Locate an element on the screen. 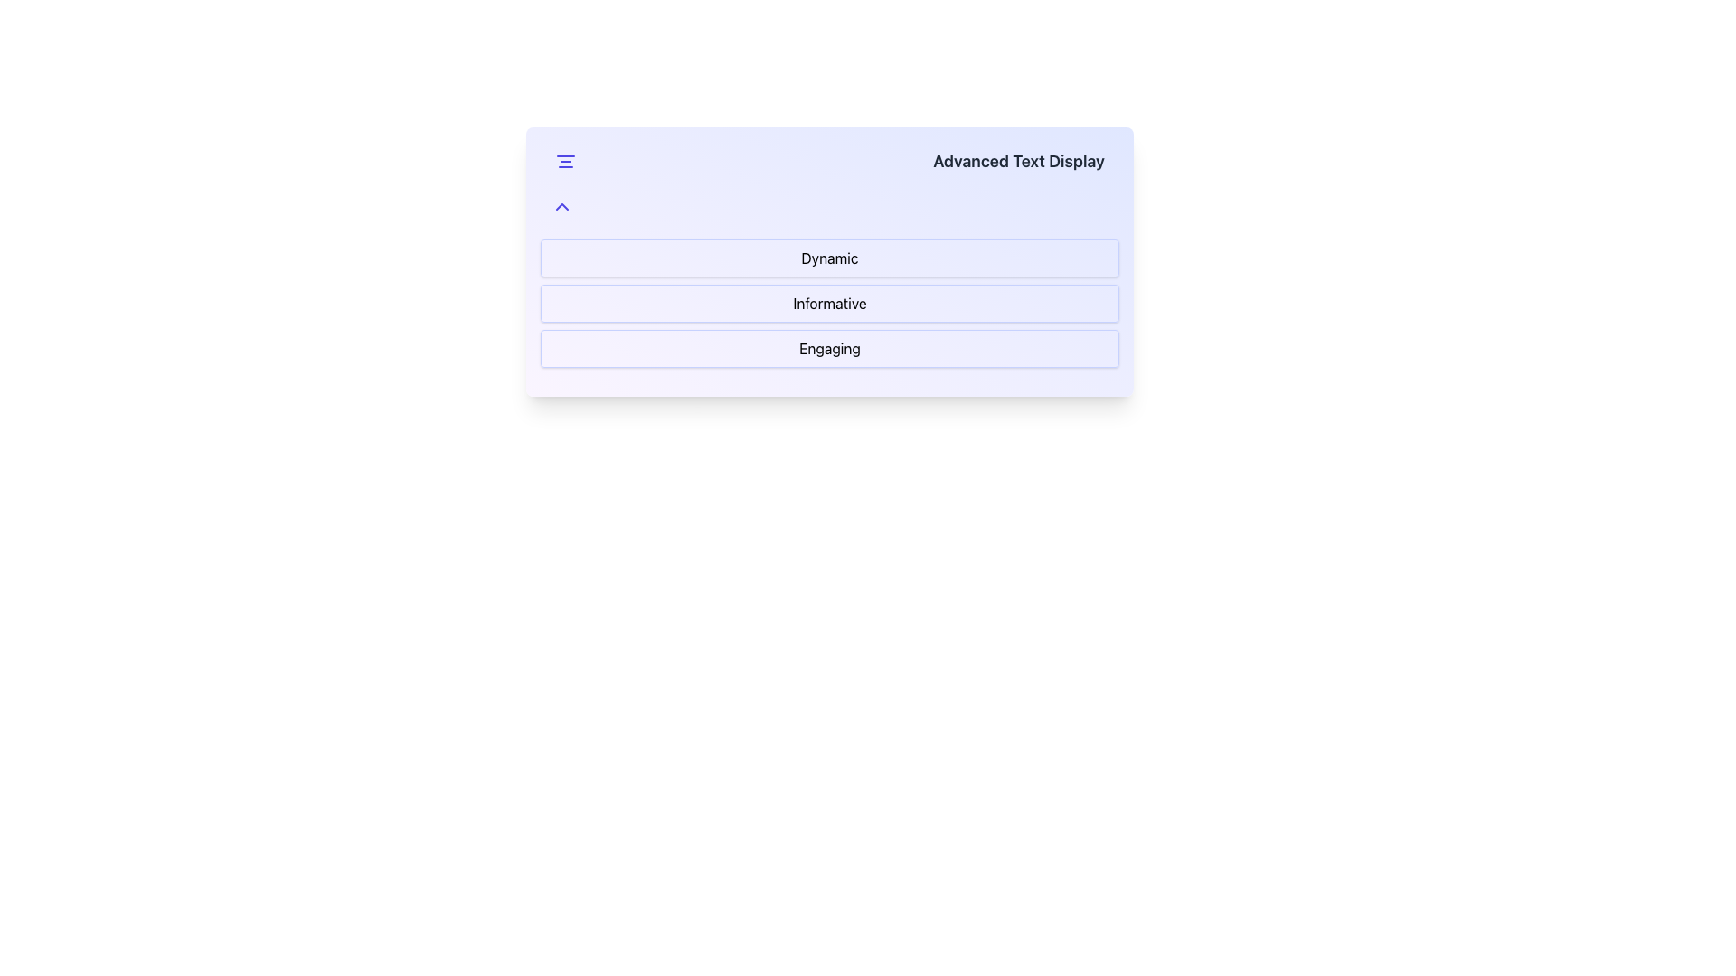 Image resolution: width=1736 pixels, height=976 pixels. the text label displaying 'Advanced Text Display' which is styled in bold with a larger gray font, located in the upper-right quarter of the layout is located at coordinates (1019, 160).